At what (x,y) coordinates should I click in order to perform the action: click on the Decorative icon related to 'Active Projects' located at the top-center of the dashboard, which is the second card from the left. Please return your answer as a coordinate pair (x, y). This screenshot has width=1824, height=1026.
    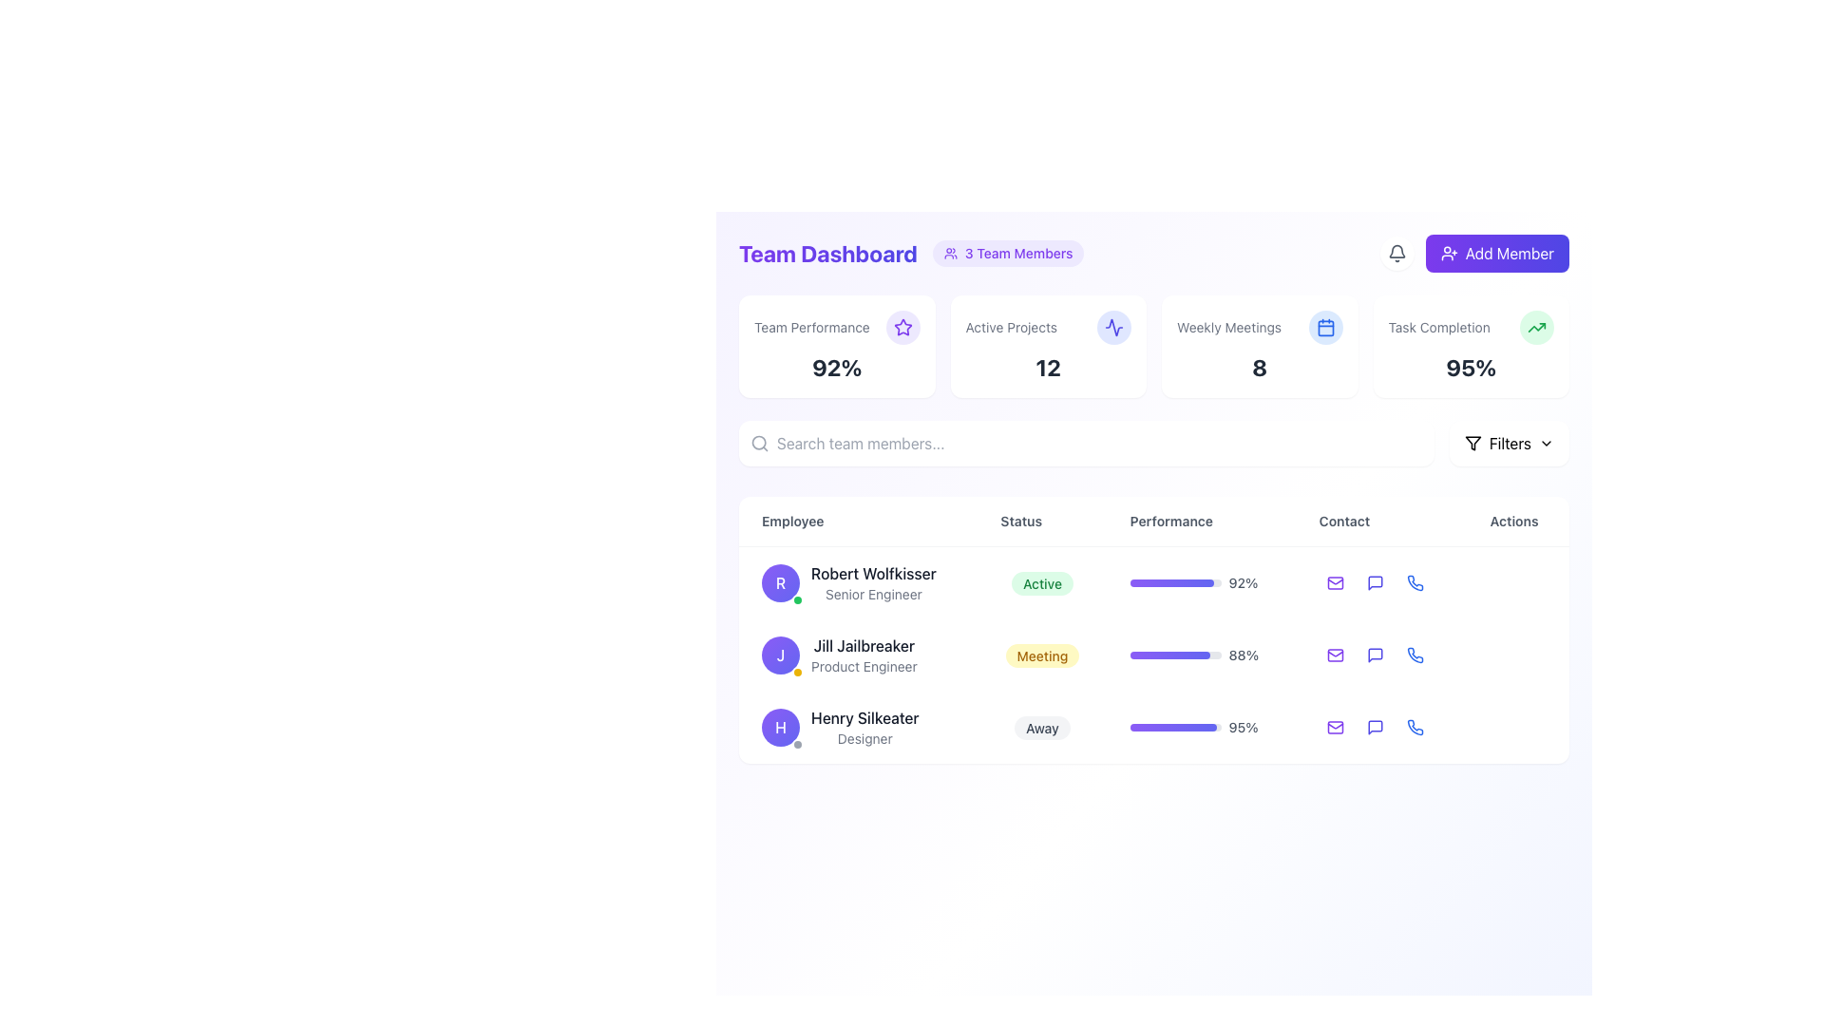
    Looking at the image, I should click on (1113, 326).